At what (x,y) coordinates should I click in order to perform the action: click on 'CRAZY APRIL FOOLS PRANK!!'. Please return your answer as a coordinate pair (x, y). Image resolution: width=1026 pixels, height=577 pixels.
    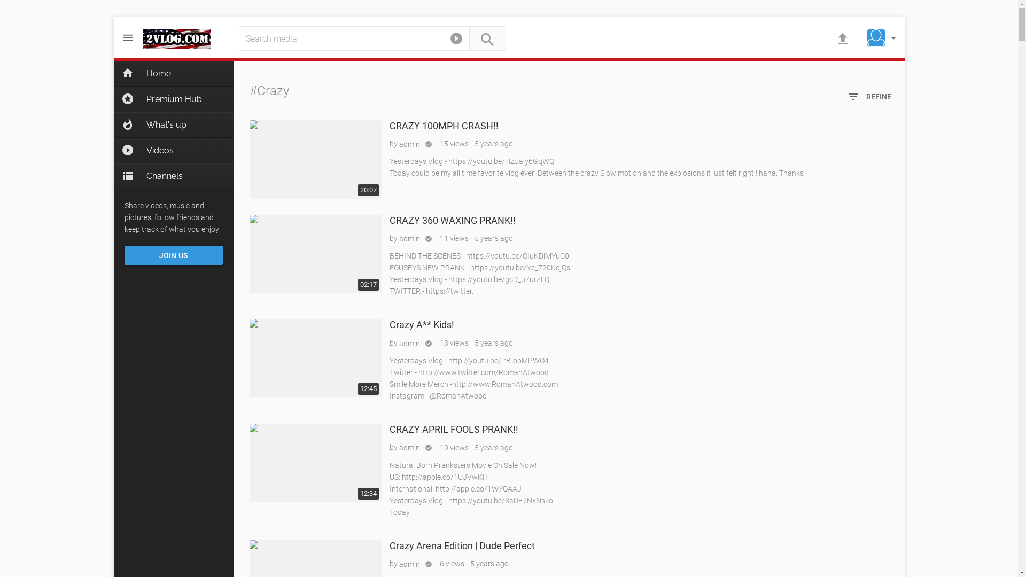
    Looking at the image, I should click on (388, 428).